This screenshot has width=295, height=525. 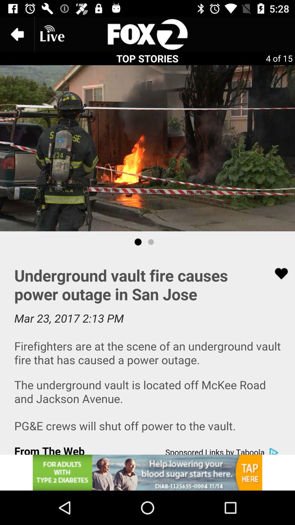 I want to click on favorites option, so click(x=278, y=273).